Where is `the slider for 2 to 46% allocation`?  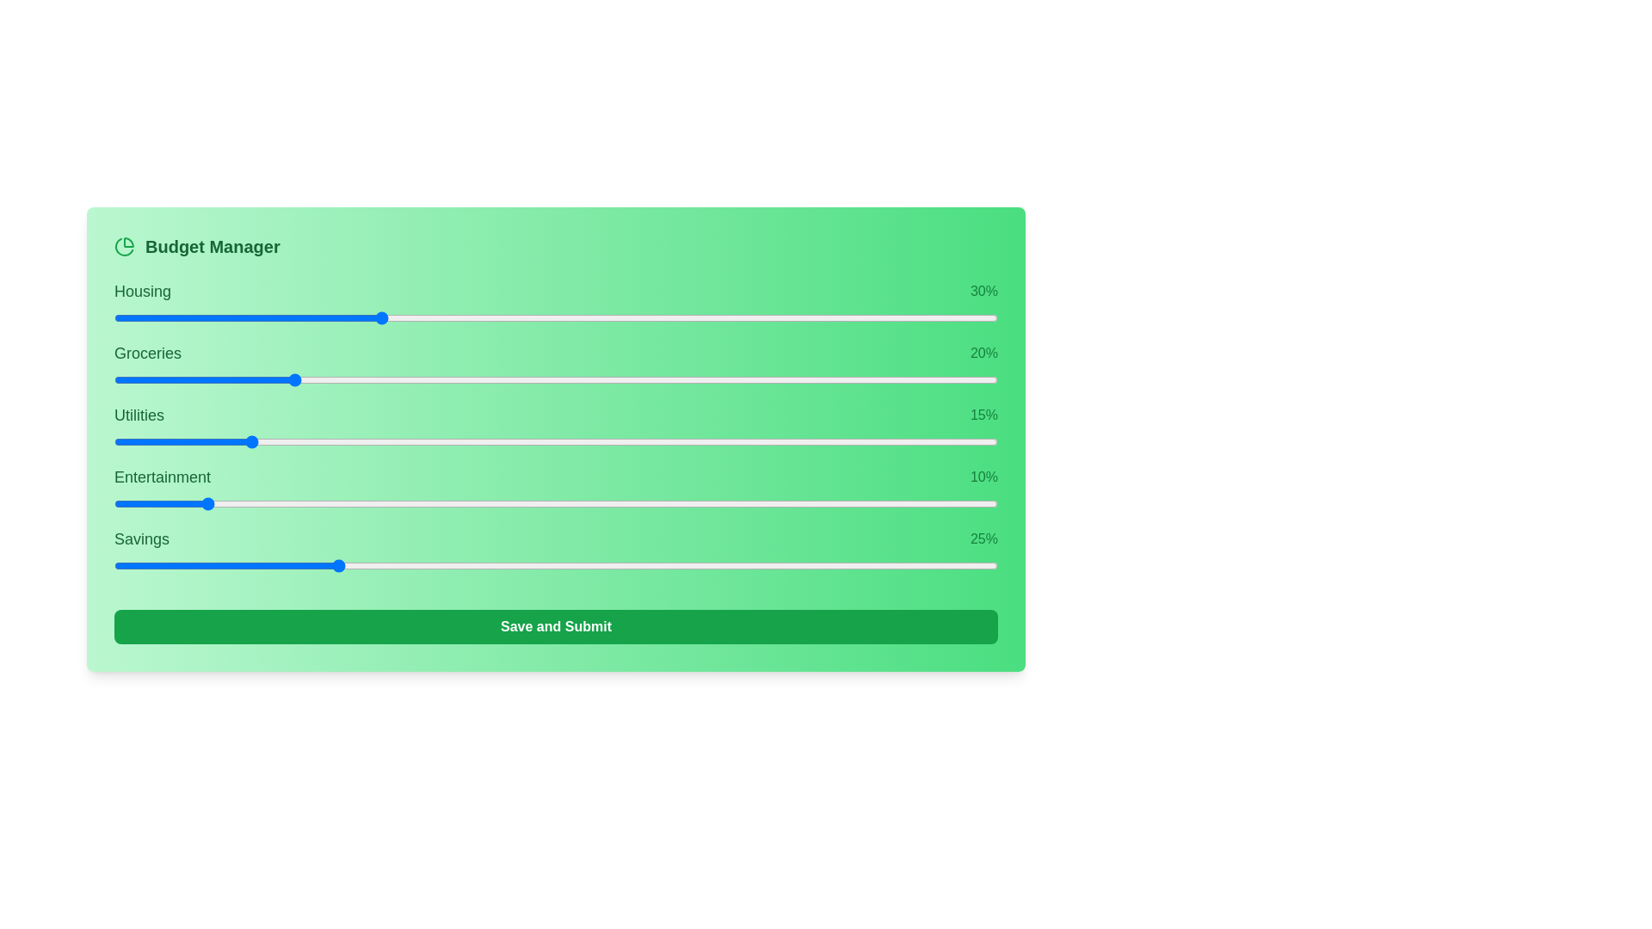 the slider for 2 to 46% allocation is located at coordinates (758, 440).